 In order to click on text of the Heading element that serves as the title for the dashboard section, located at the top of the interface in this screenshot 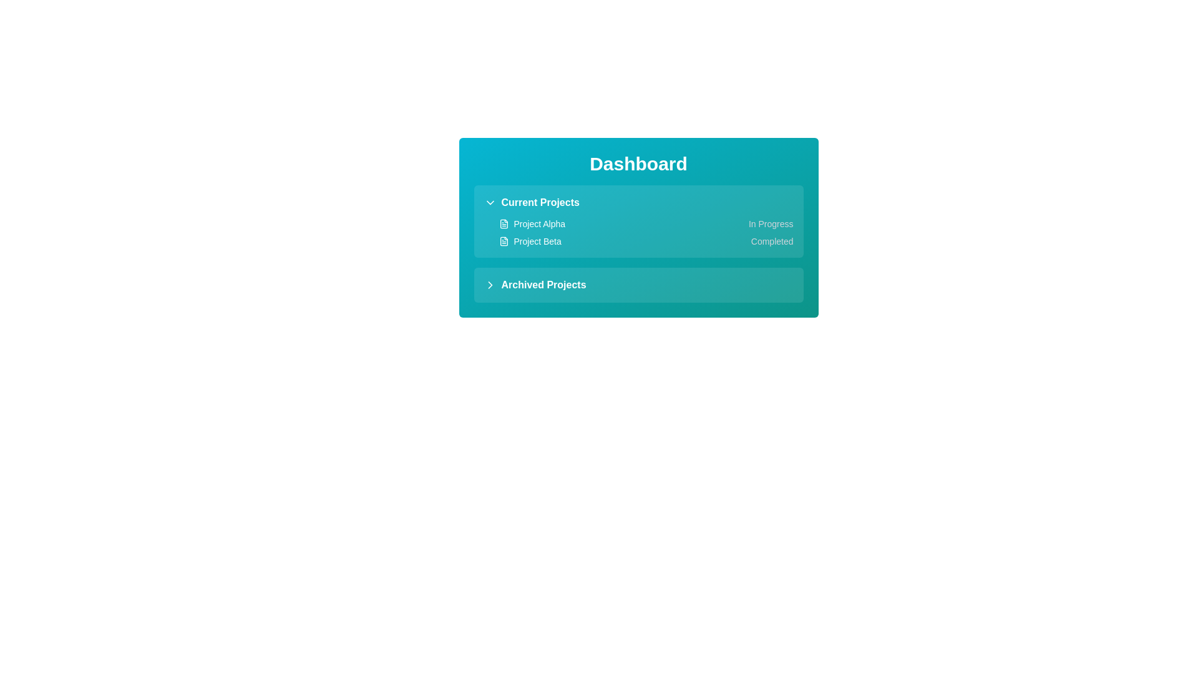, I will do `click(638, 163)`.